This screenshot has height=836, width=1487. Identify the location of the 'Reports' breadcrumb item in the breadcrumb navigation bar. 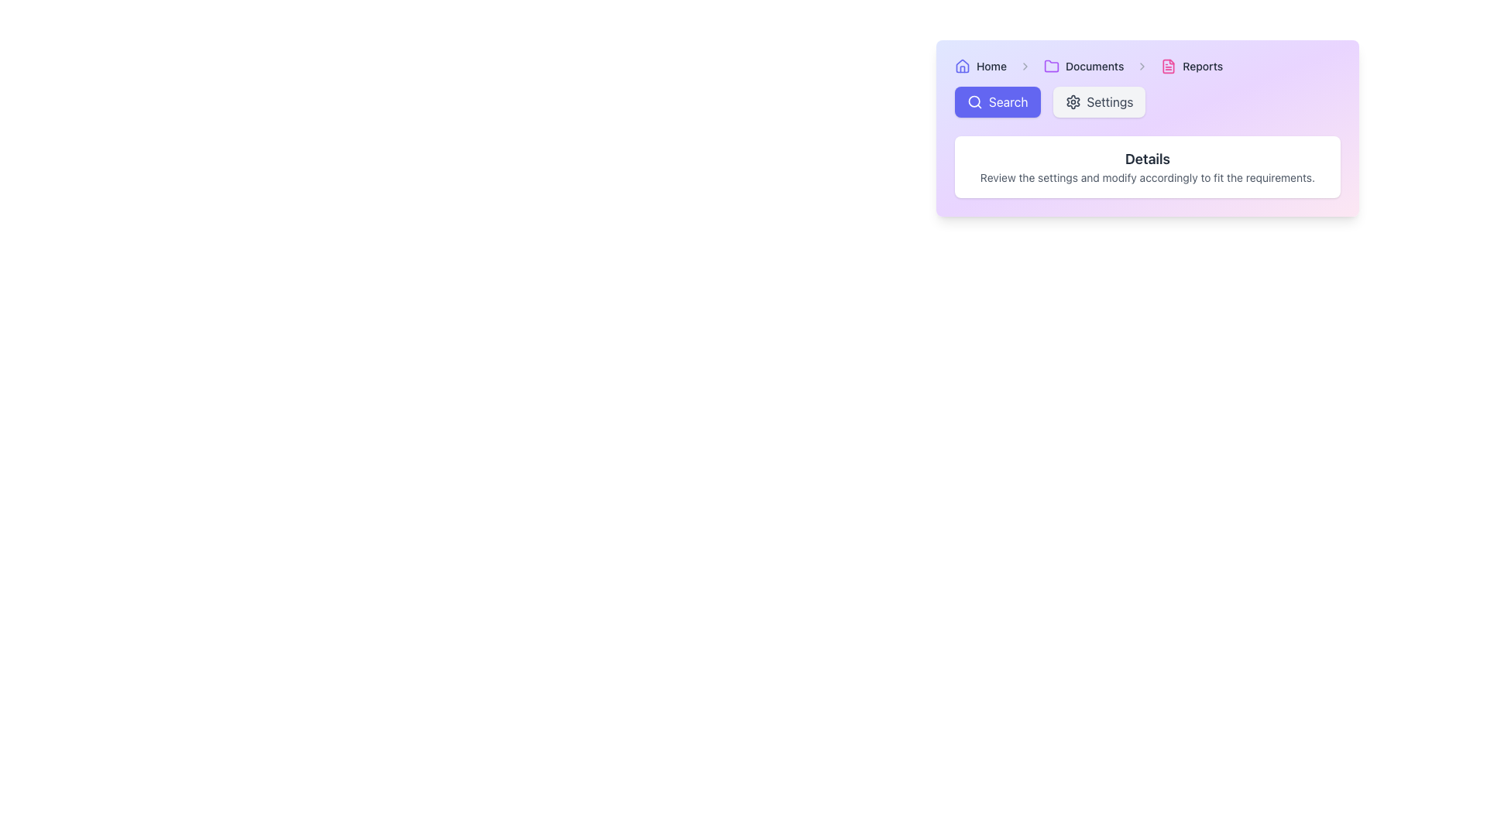
(1191, 65).